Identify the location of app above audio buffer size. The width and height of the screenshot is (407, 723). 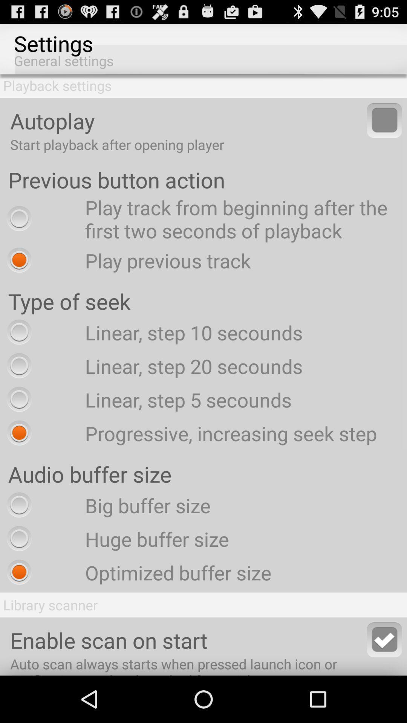
(190, 433).